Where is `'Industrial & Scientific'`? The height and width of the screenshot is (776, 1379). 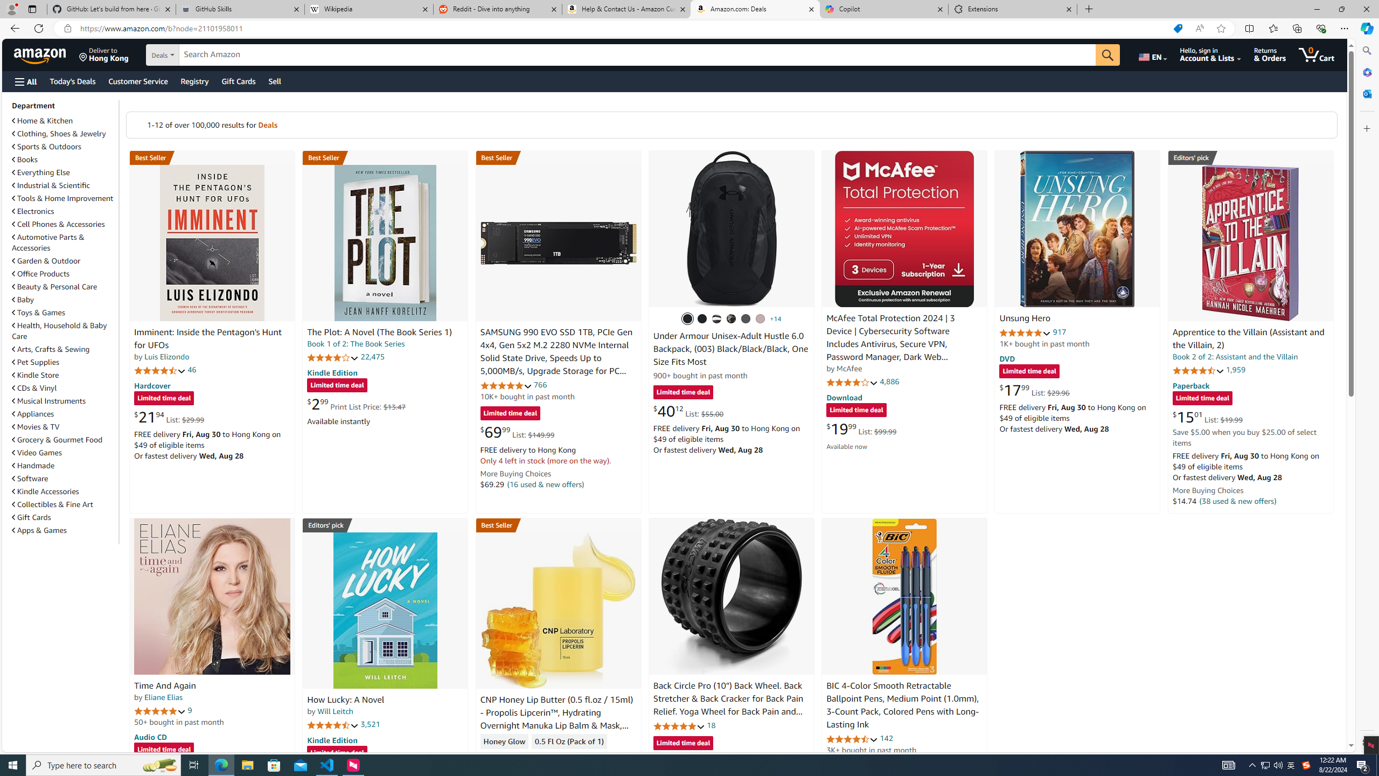 'Industrial & Scientific' is located at coordinates (64, 185).